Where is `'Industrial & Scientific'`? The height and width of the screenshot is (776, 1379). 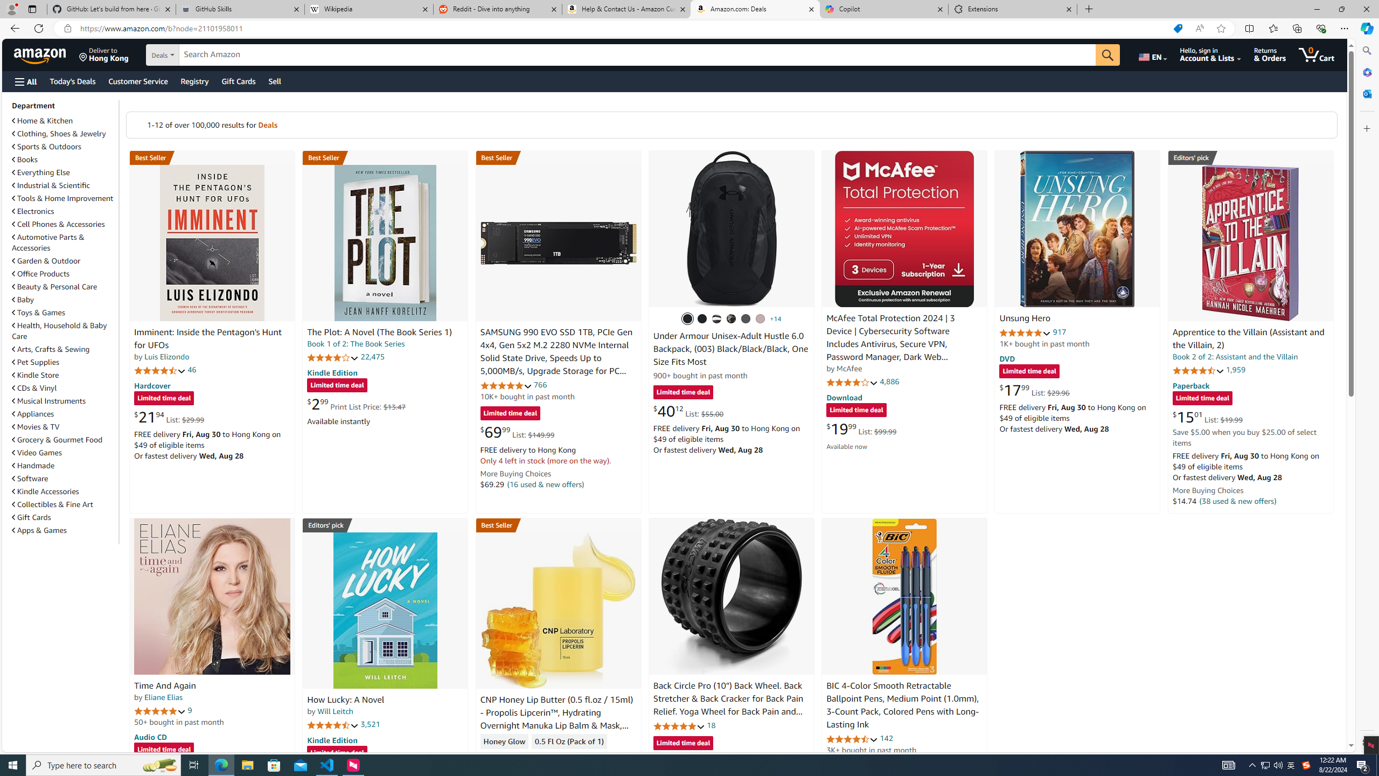 'Industrial & Scientific' is located at coordinates (64, 185).